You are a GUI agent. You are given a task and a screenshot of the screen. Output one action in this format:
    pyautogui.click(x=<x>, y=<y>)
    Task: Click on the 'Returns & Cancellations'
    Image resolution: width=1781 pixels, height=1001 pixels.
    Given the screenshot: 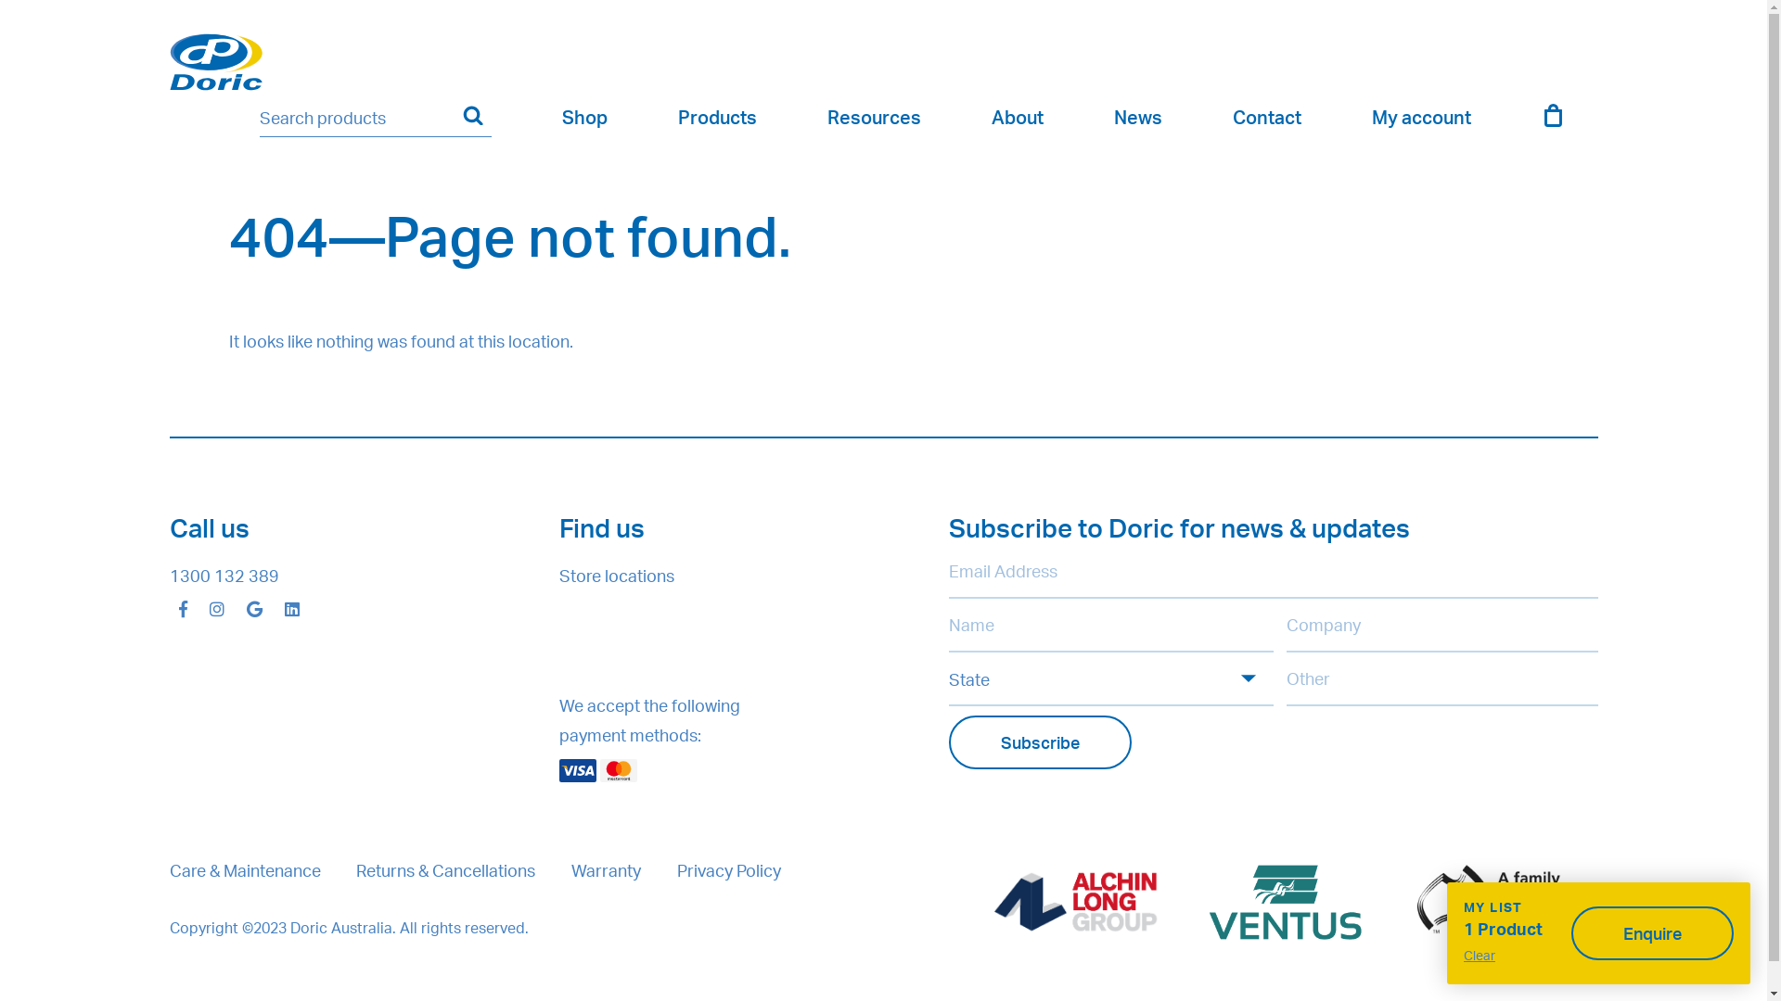 What is the action you would take?
    pyautogui.click(x=445, y=869)
    